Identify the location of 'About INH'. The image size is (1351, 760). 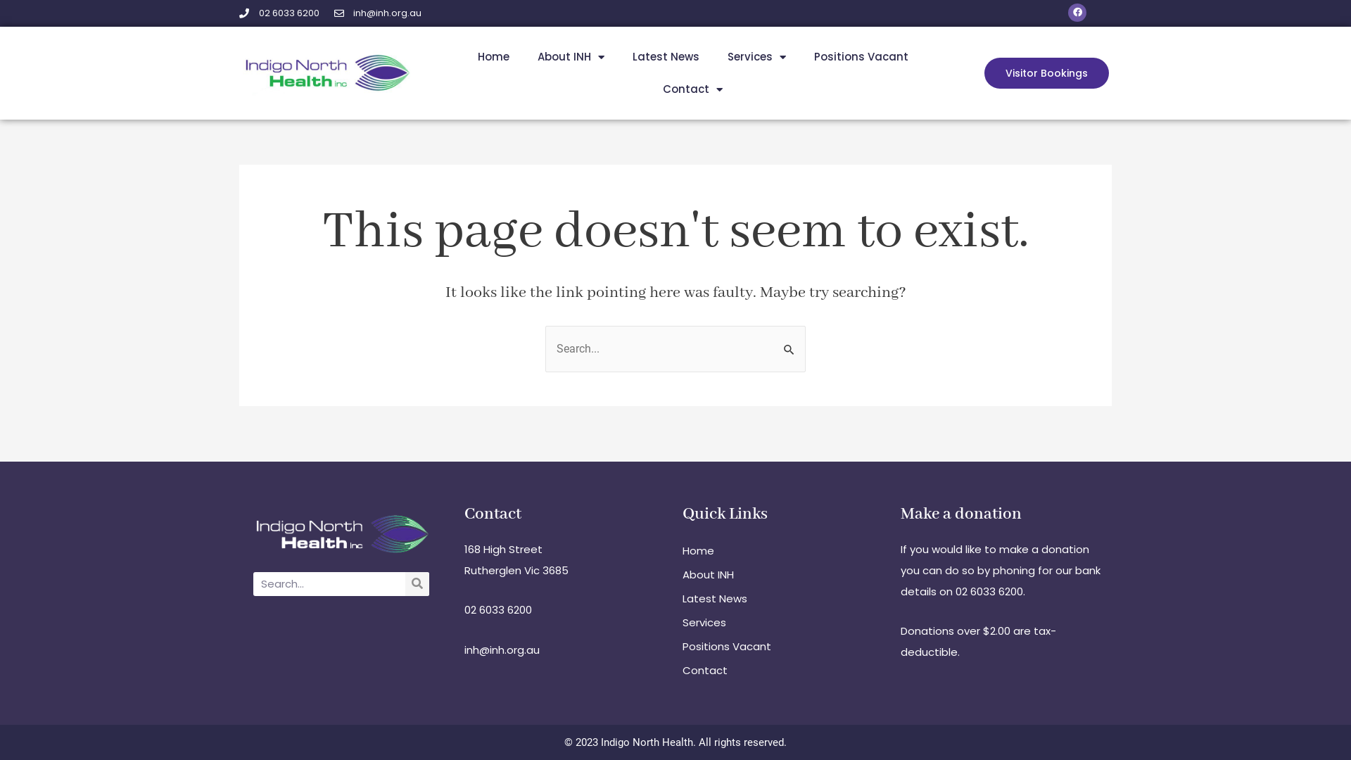
(571, 56).